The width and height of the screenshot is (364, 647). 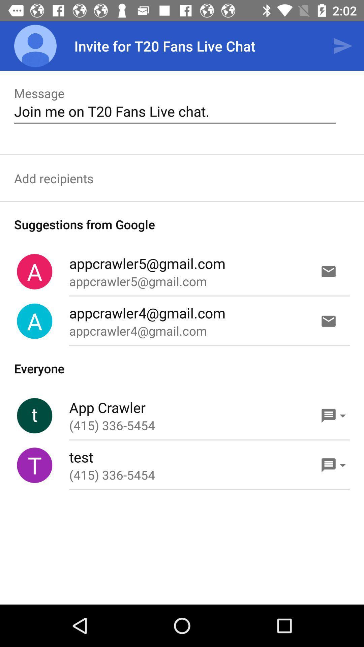 What do you see at coordinates (343, 45) in the screenshot?
I see `the icon next to invite for t20 item` at bounding box center [343, 45].